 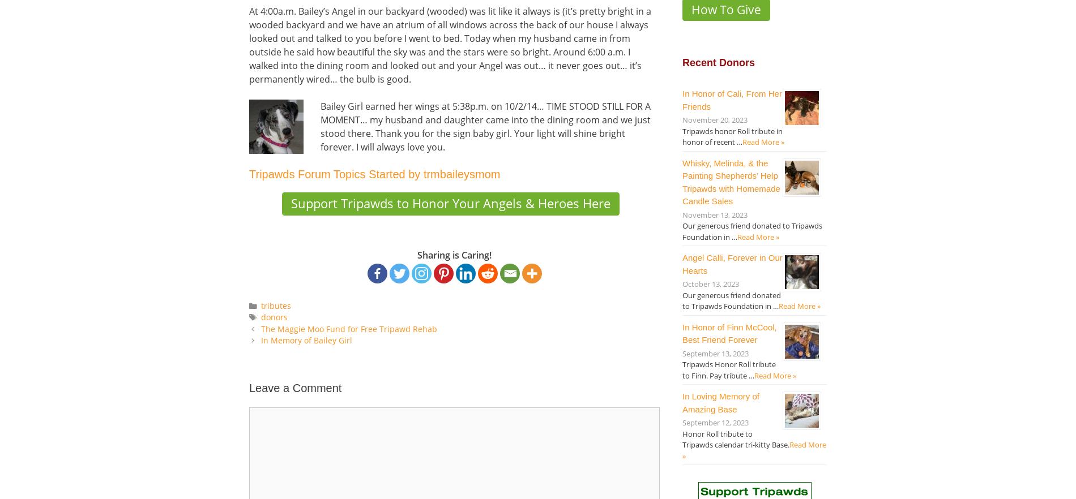 What do you see at coordinates (449, 203) in the screenshot?
I see `'Support Tripawds to Honor Your Angels & Heroes Here'` at bounding box center [449, 203].